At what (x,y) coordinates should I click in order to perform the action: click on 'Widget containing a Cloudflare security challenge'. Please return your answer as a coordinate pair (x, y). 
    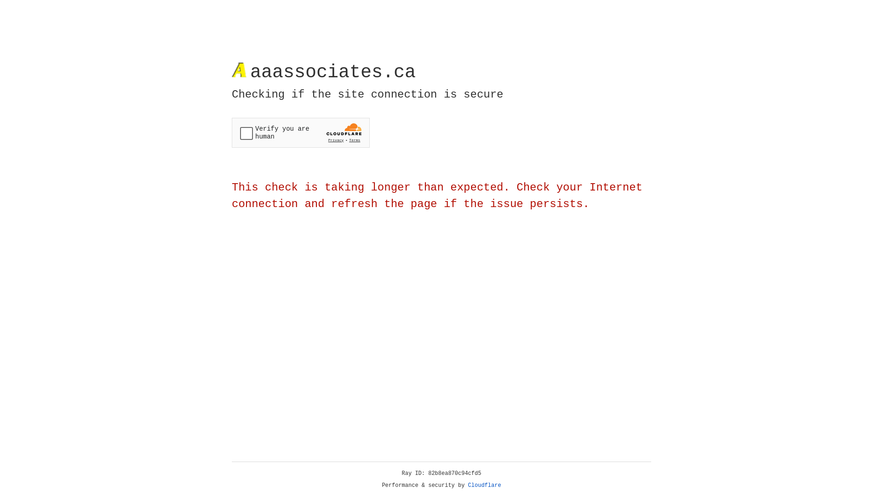
    Looking at the image, I should click on (300, 133).